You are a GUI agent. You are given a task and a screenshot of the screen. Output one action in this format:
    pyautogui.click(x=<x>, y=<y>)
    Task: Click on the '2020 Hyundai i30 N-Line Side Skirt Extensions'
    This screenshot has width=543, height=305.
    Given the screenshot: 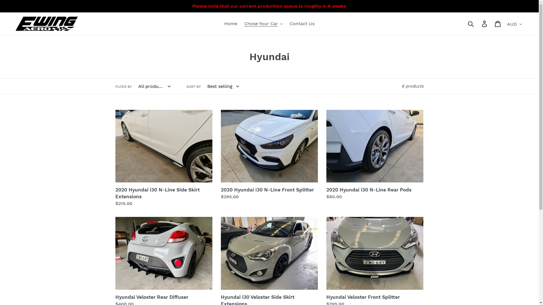 What is the action you would take?
    pyautogui.click(x=163, y=158)
    